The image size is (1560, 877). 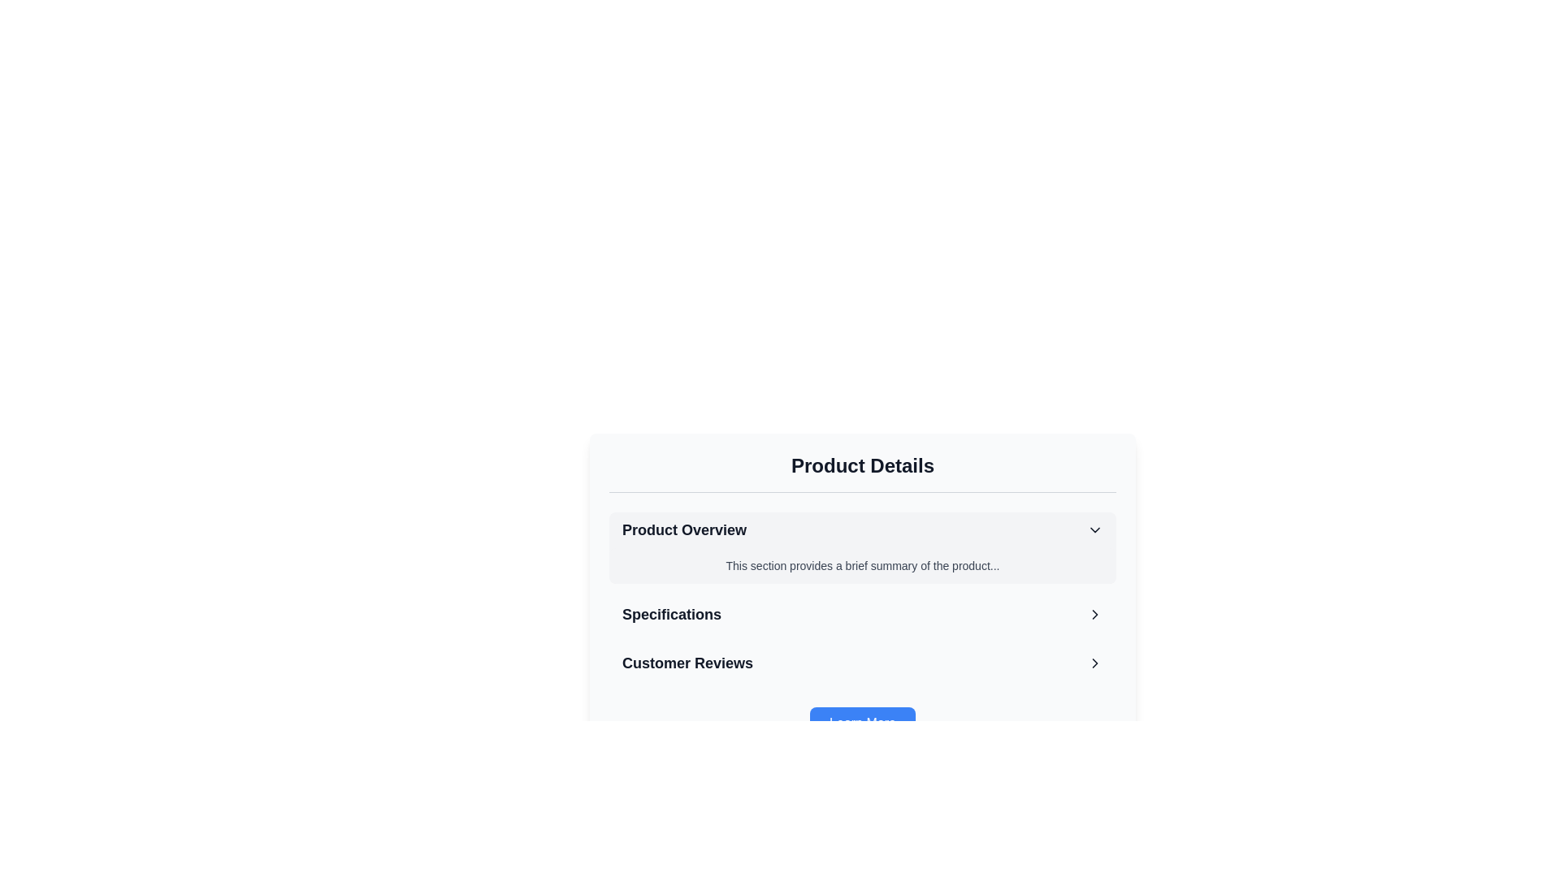 I want to click on the separator element that visually appears as a thin horizontal line with a gray border, positioned between the title 'Product Details' and the content section 'Product Overview', so click(x=861, y=491).